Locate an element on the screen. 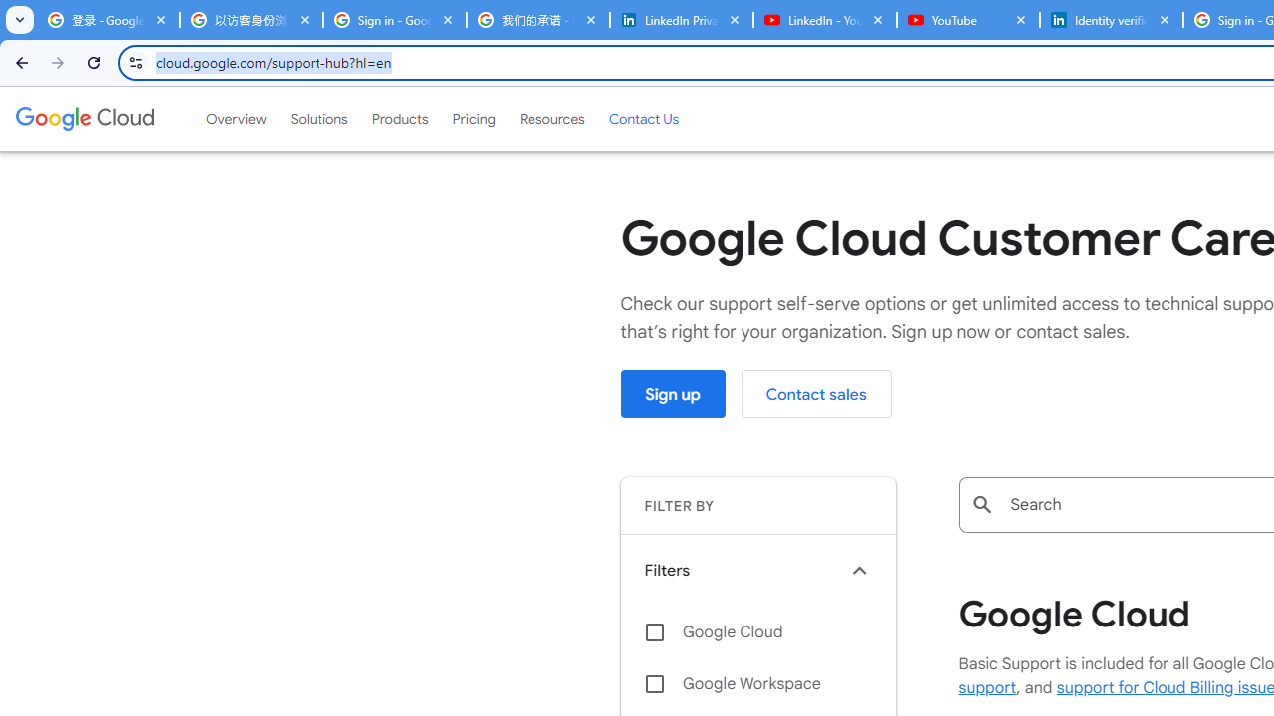 The image size is (1274, 716). 'Filters keyboard_arrow_up' is located at coordinates (756, 570).